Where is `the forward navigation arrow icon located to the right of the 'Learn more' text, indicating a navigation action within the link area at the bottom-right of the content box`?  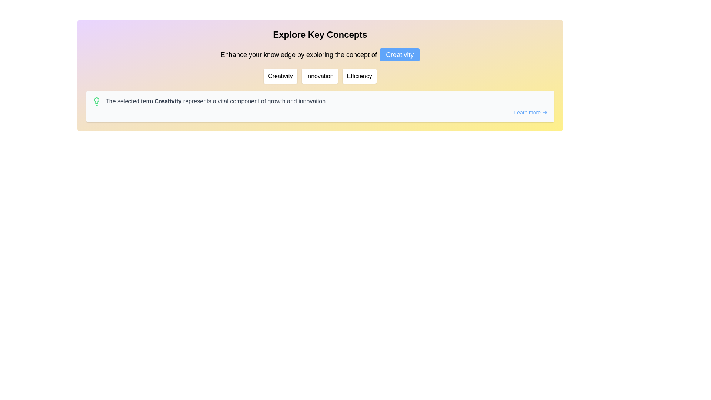 the forward navigation arrow icon located to the right of the 'Learn more' text, indicating a navigation action within the link area at the bottom-right of the content box is located at coordinates (545, 113).